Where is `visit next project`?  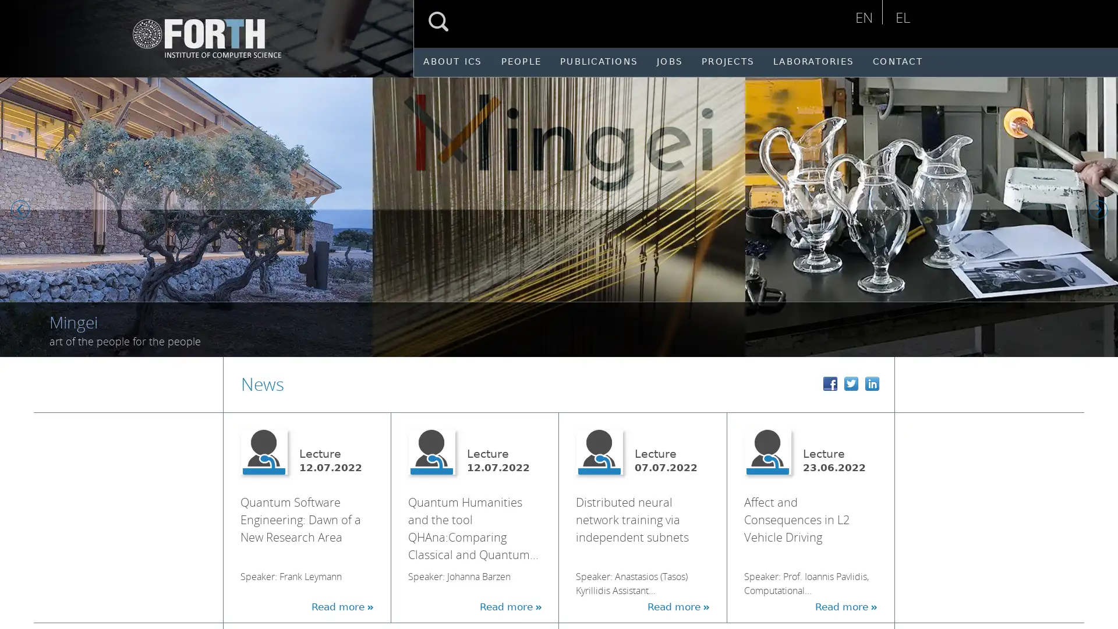 visit next project is located at coordinates (1100, 210).